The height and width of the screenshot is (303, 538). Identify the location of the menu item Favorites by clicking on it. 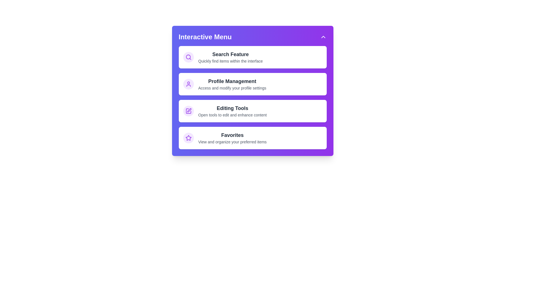
(252, 138).